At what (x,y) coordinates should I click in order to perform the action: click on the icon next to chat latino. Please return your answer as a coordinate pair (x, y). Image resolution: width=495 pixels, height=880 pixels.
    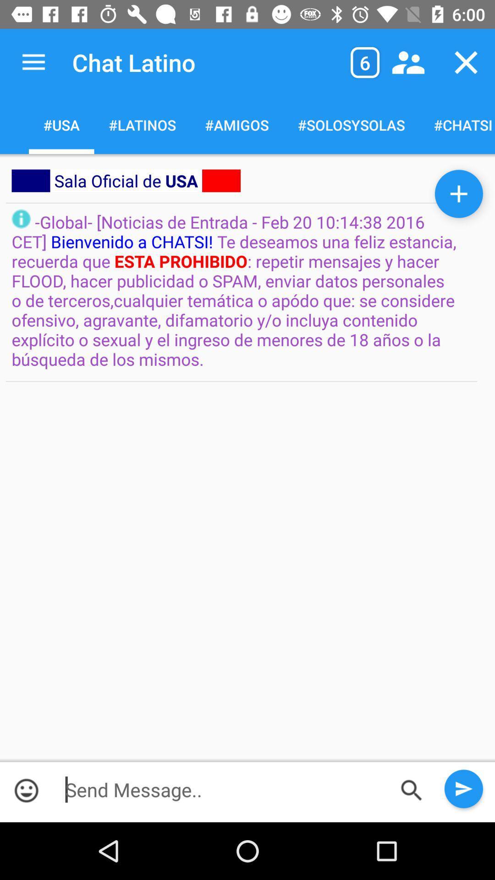
    Looking at the image, I should click on (364, 62).